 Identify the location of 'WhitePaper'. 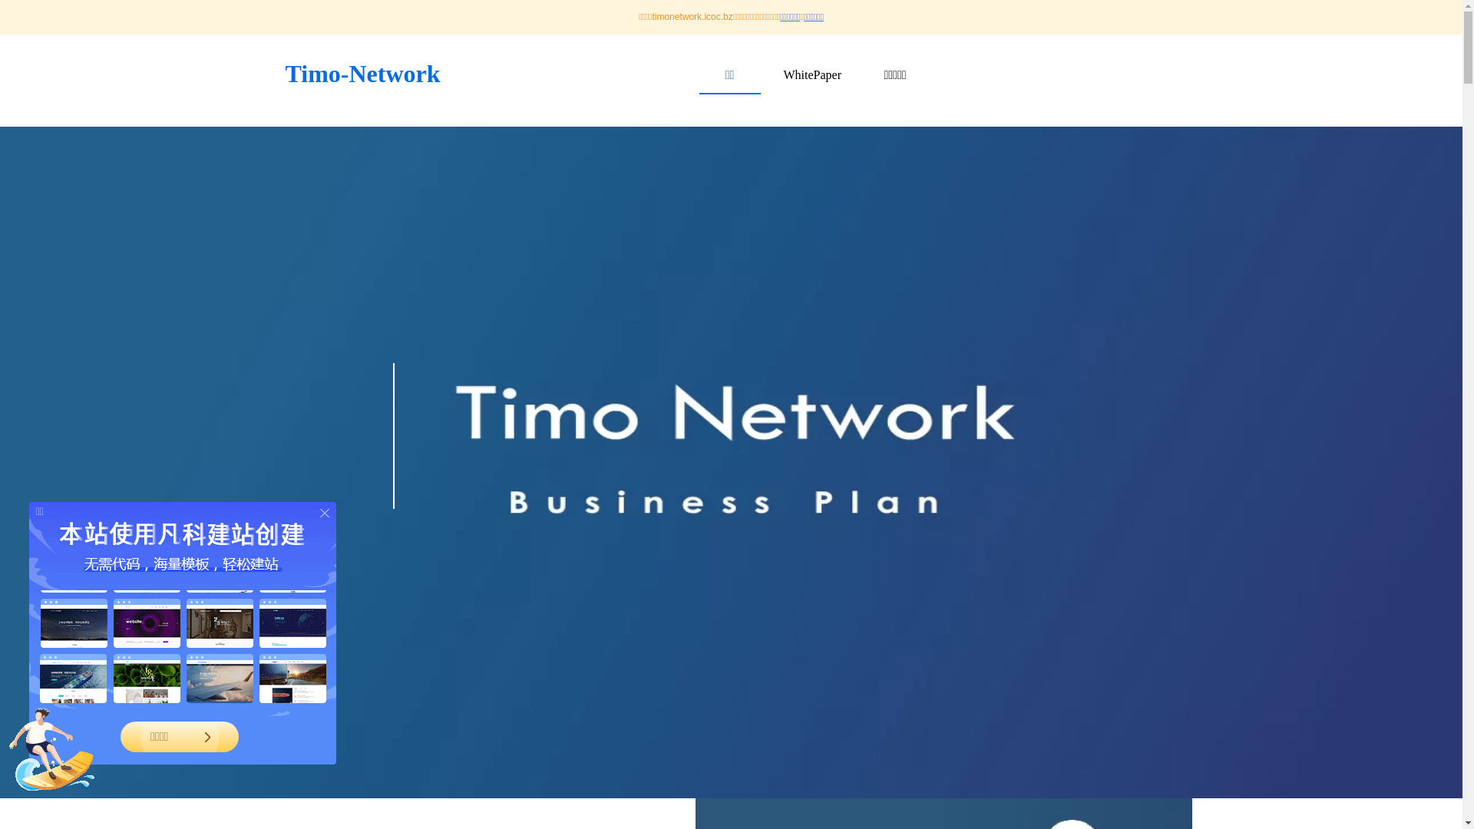
(811, 74).